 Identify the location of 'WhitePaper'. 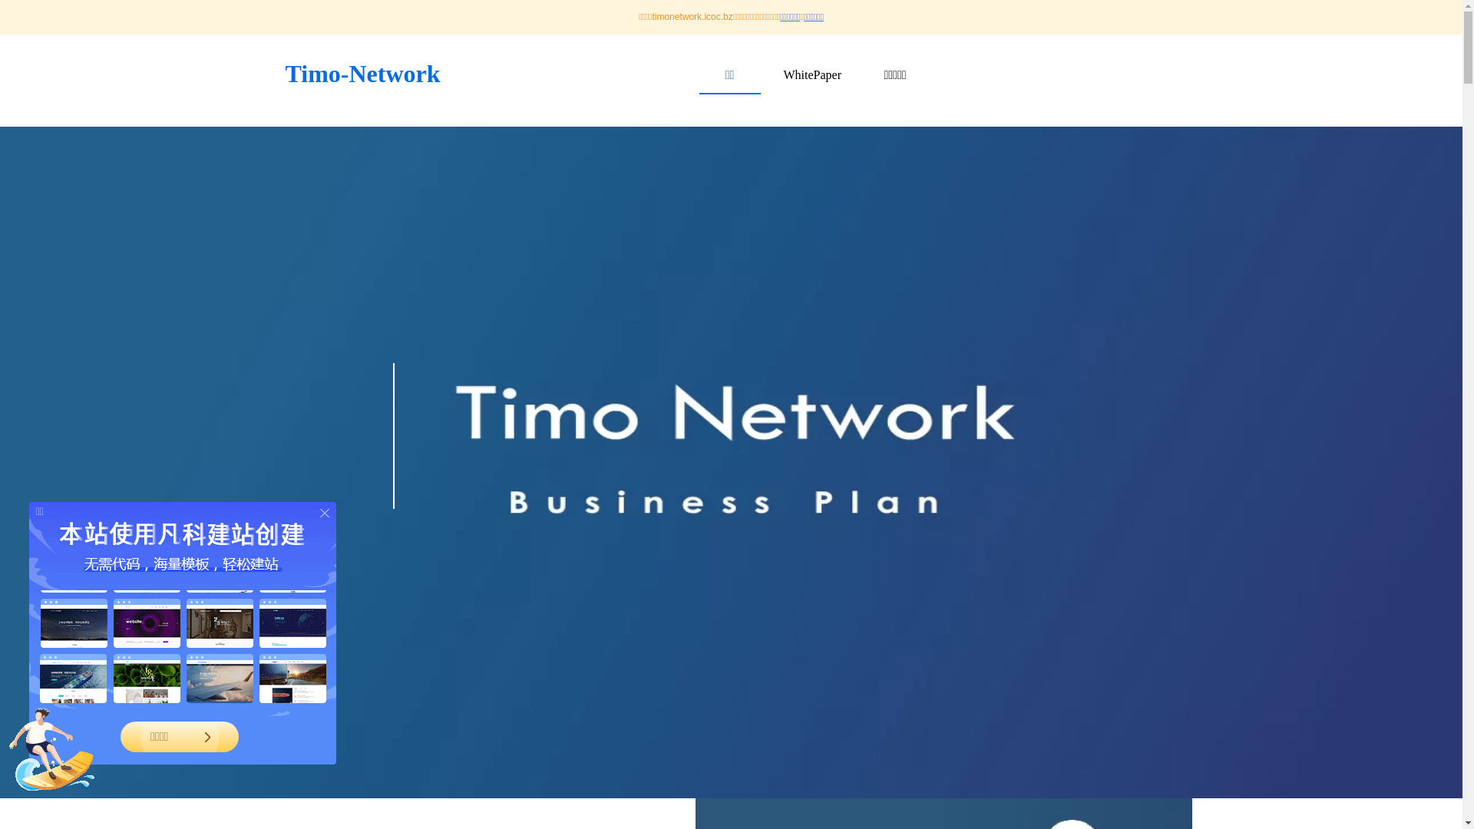
(811, 74).